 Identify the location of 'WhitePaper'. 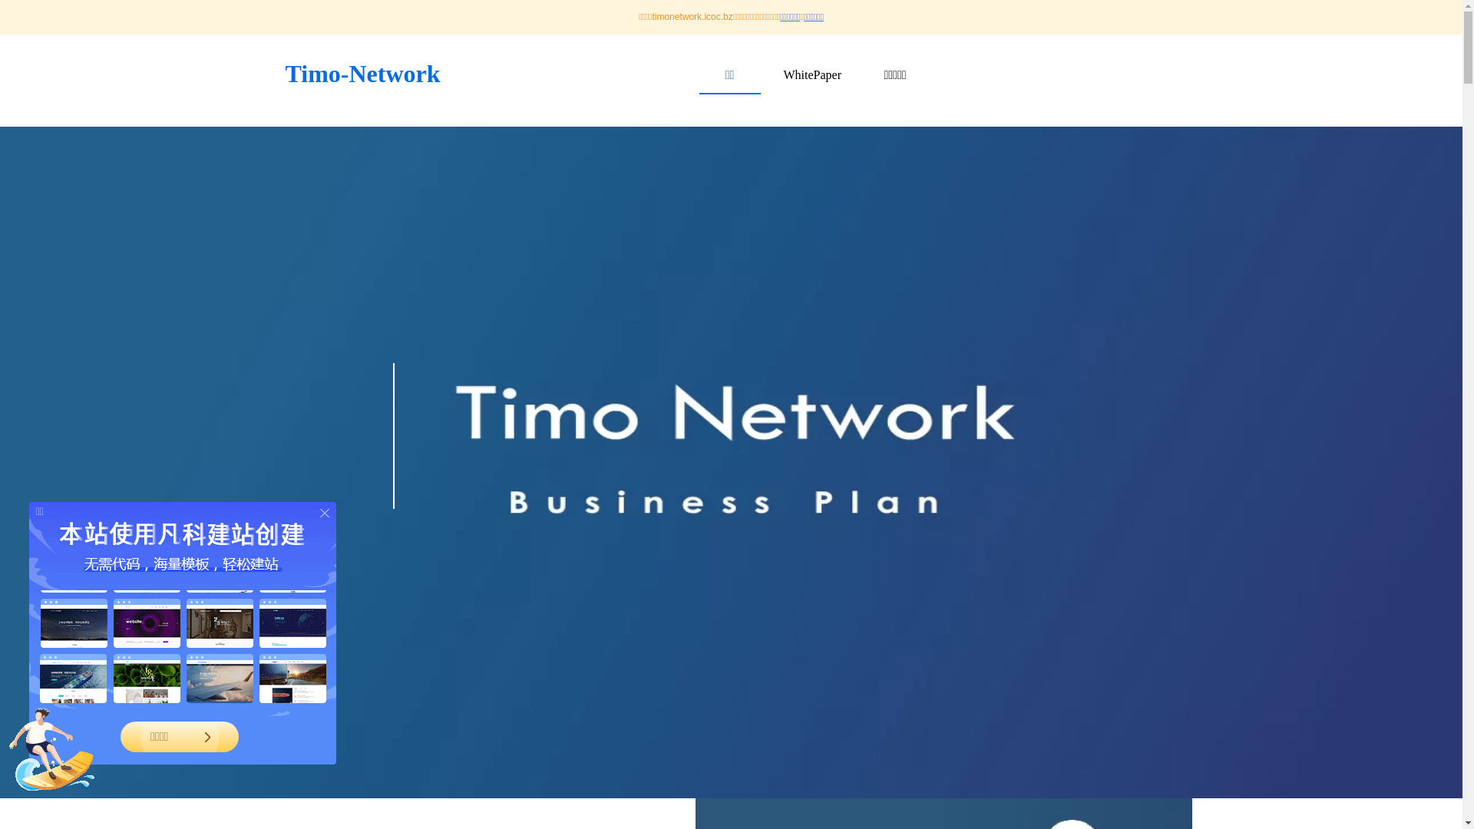
(811, 74).